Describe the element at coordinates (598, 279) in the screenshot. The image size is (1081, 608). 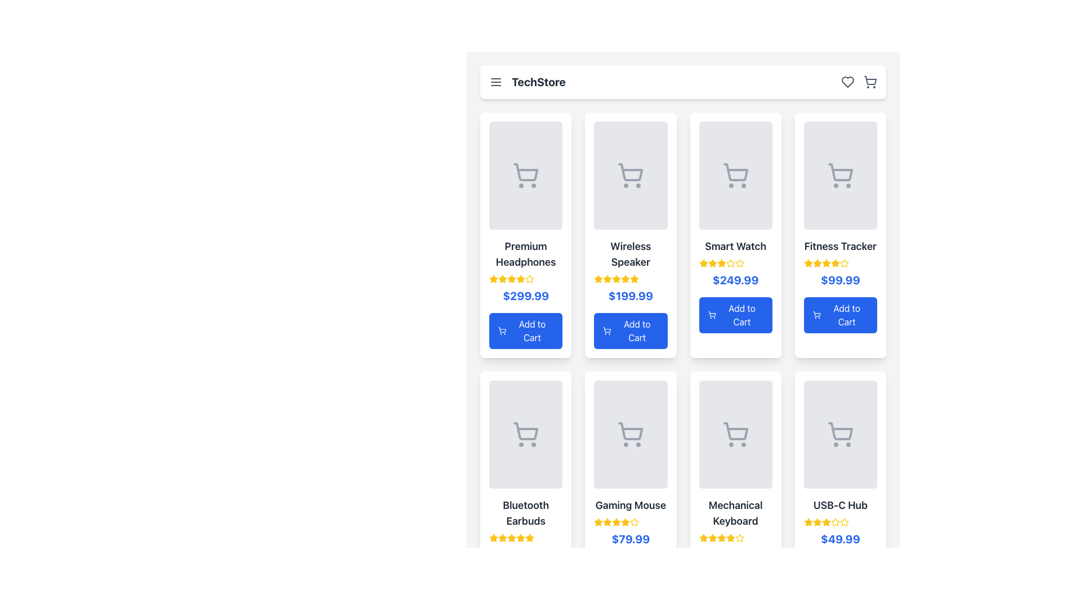
I see `the yellow star-shaped icon, which is the first star in a row of five under the 'Wireless Speaker' product card` at that location.